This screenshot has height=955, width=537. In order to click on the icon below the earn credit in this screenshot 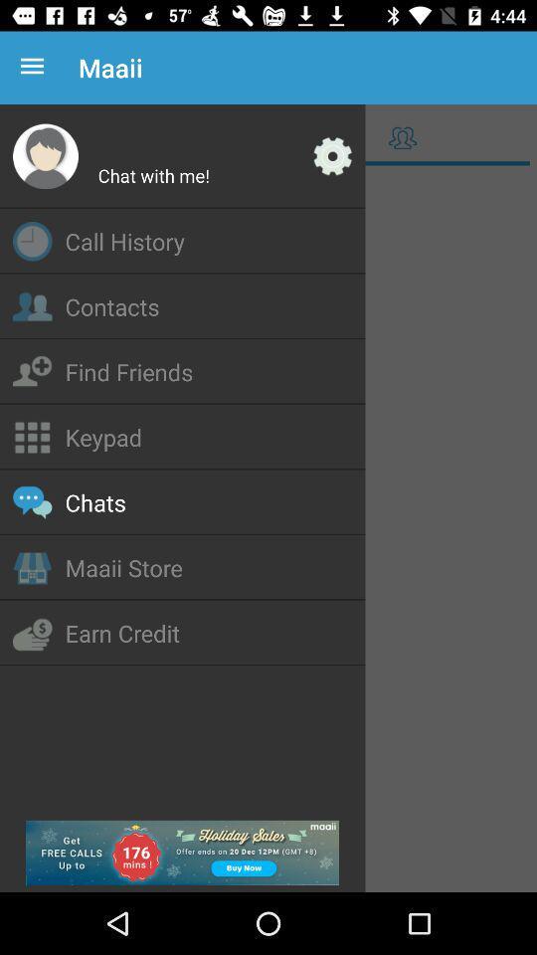, I will do `click(182, 852)`.